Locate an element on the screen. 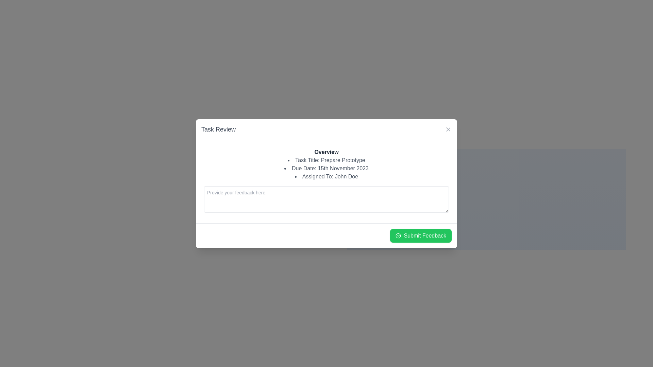  the list item containing the text 'Task Title: Prepare Prototype', which is the first item in the bulleted list under the 'Overview' heading is located at coordinates (326, 160).